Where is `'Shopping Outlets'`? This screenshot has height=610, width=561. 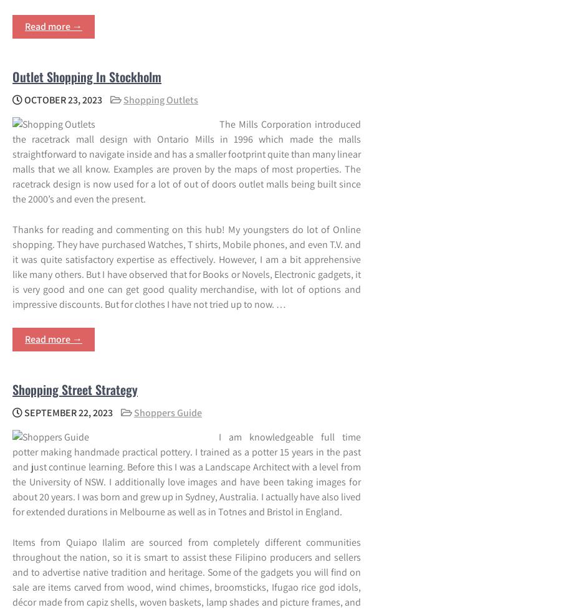 'Shopping Outlets' is located at coordinates (160, 99).